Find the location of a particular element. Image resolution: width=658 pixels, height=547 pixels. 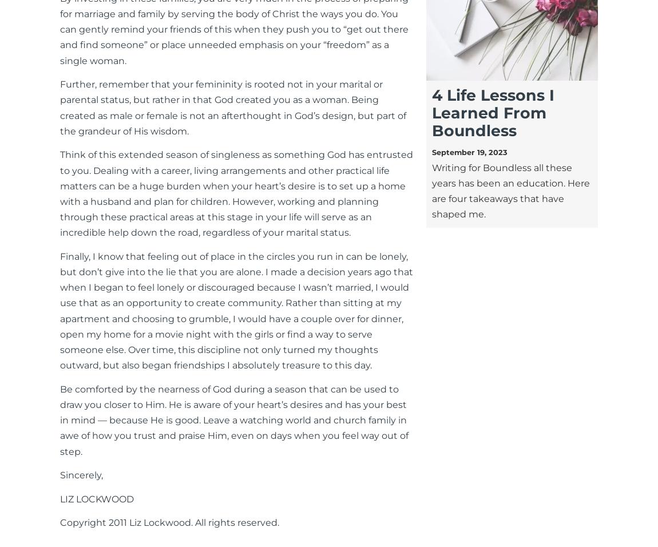

'Sincerely,' is located at coordinates (81, 474).